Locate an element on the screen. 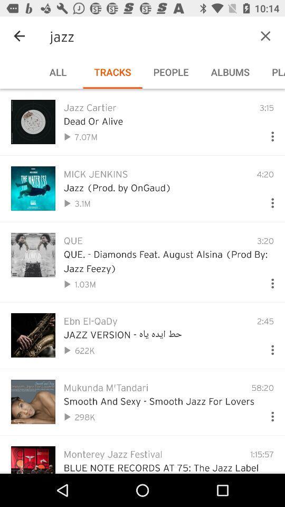 This screenshot has width=285, height=507. exit search is located at coordinates (265, 36).